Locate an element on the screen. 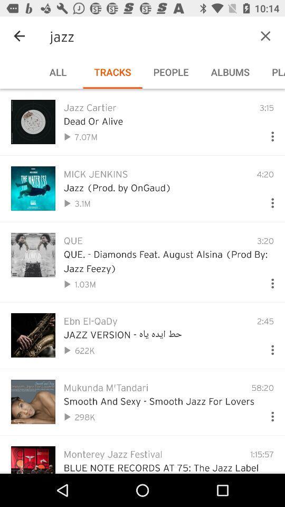 This screenshot has width=285, height=507. exit search is located at coordinates (265, 36).